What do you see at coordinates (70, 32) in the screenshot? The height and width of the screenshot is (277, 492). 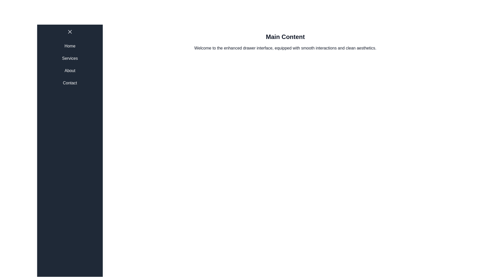 I see `the small square-shaped button with a dark background and a light gray 'X' mark at its center` at bounding box center [70, 32].